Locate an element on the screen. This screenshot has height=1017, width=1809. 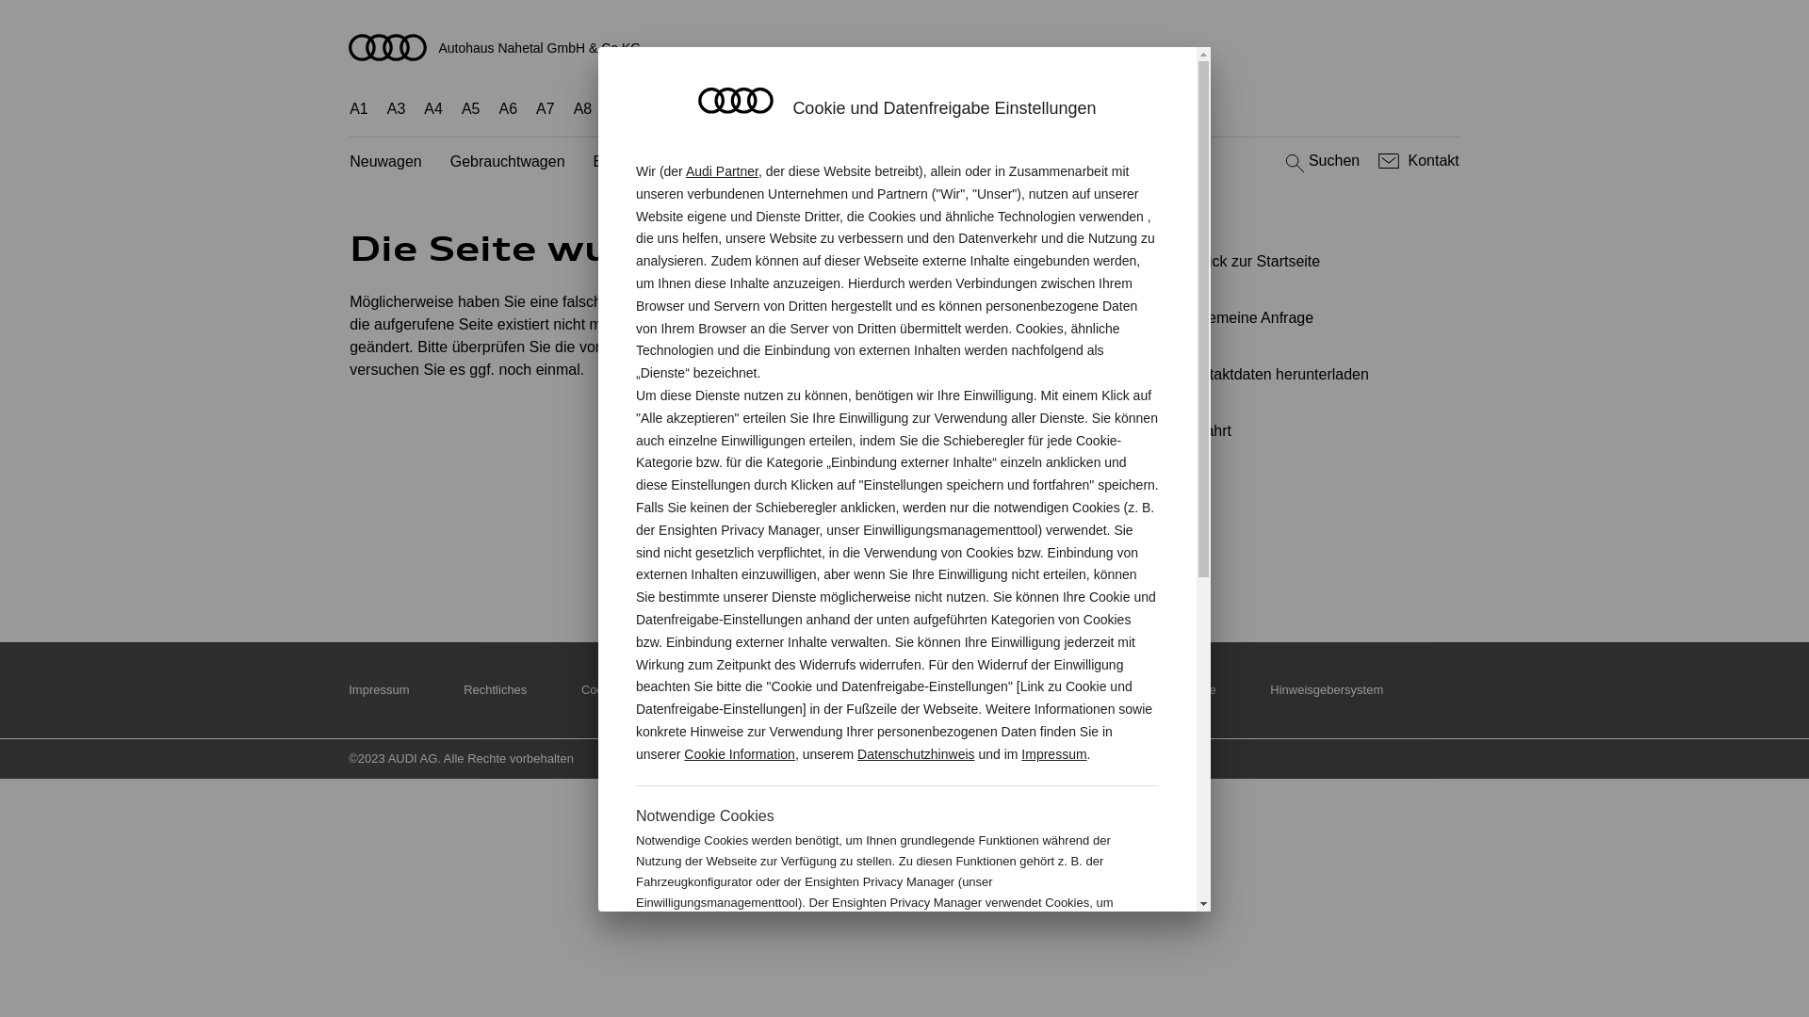
'Audi Partner' is located at coordinates (721, 170).